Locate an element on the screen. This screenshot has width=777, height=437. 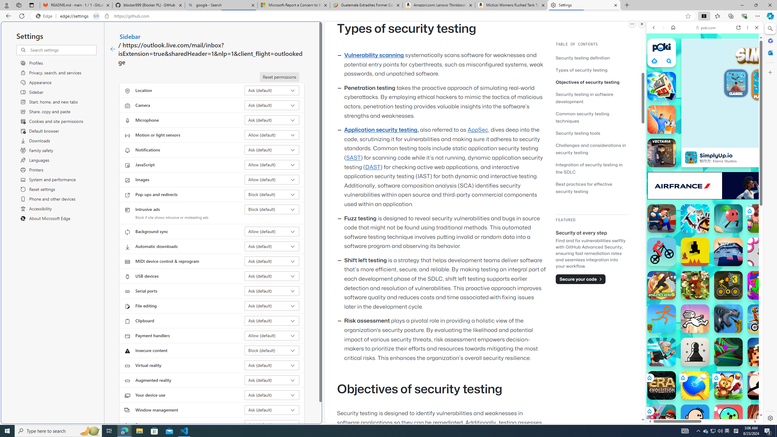
'Sidebar' is located at coordinates (130, 36).